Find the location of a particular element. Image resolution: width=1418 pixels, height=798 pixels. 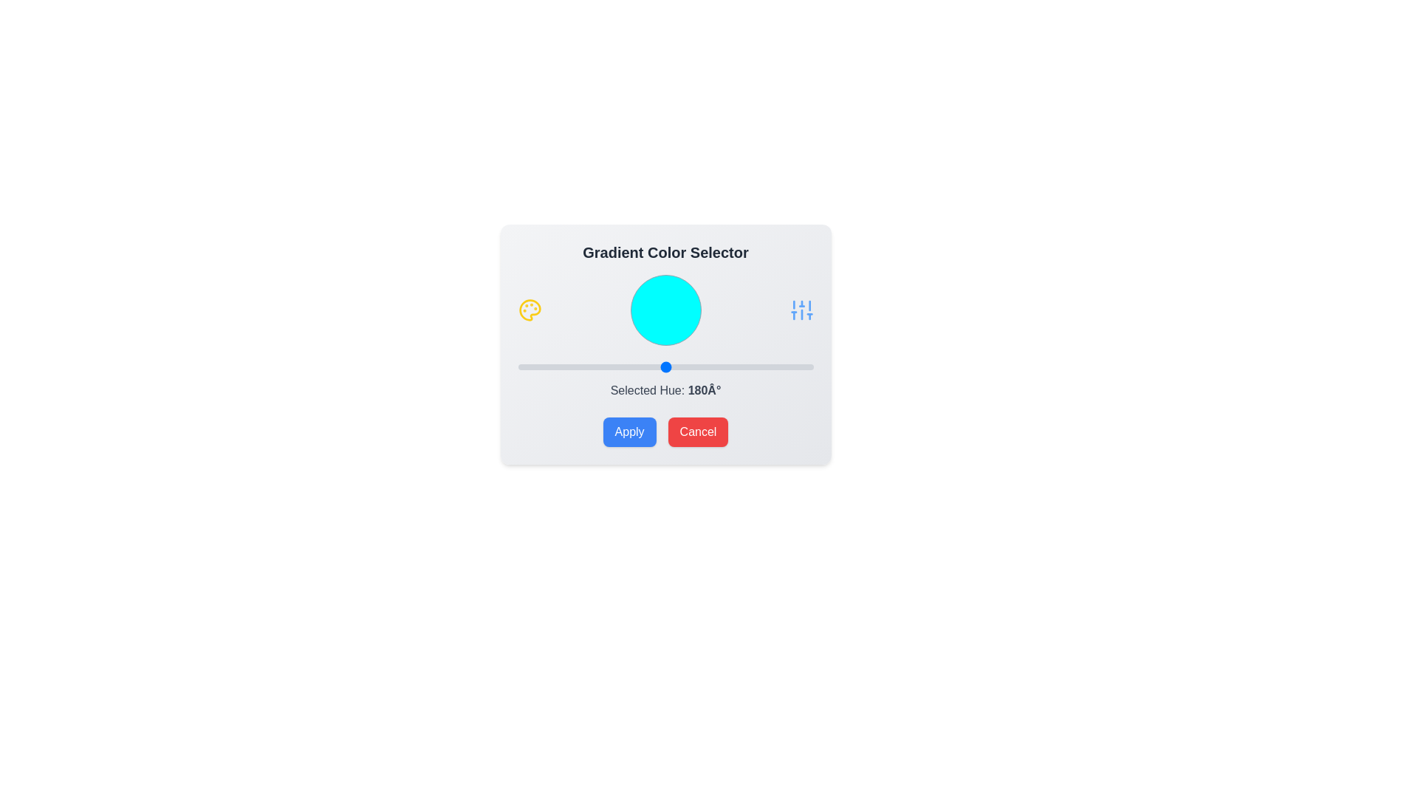

'Cancel' button is located at coordinates (697, 432).